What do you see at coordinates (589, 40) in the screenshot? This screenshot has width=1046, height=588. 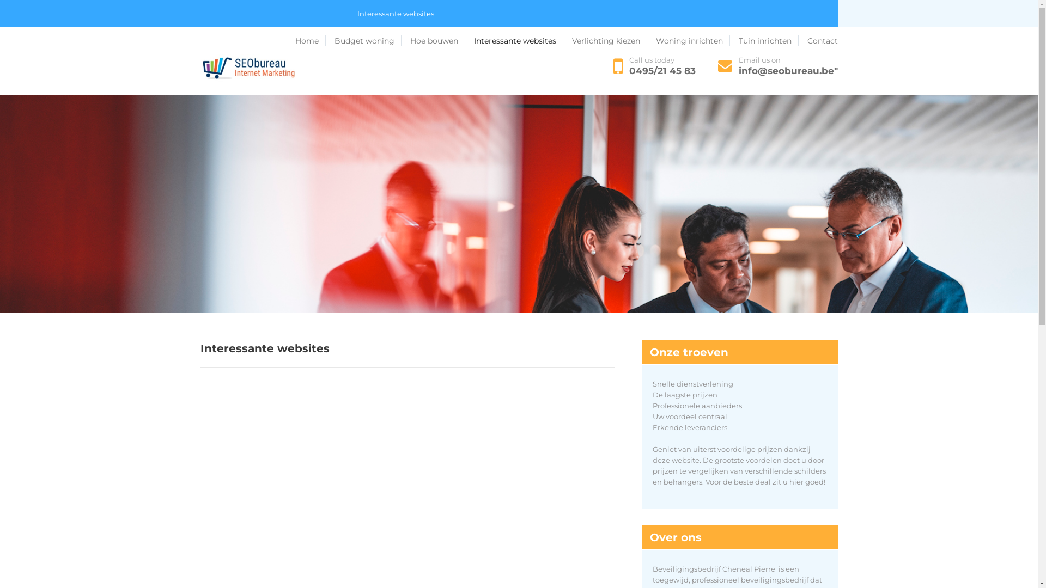 I see `'Nieuws'` at bounding box center [589, 40].